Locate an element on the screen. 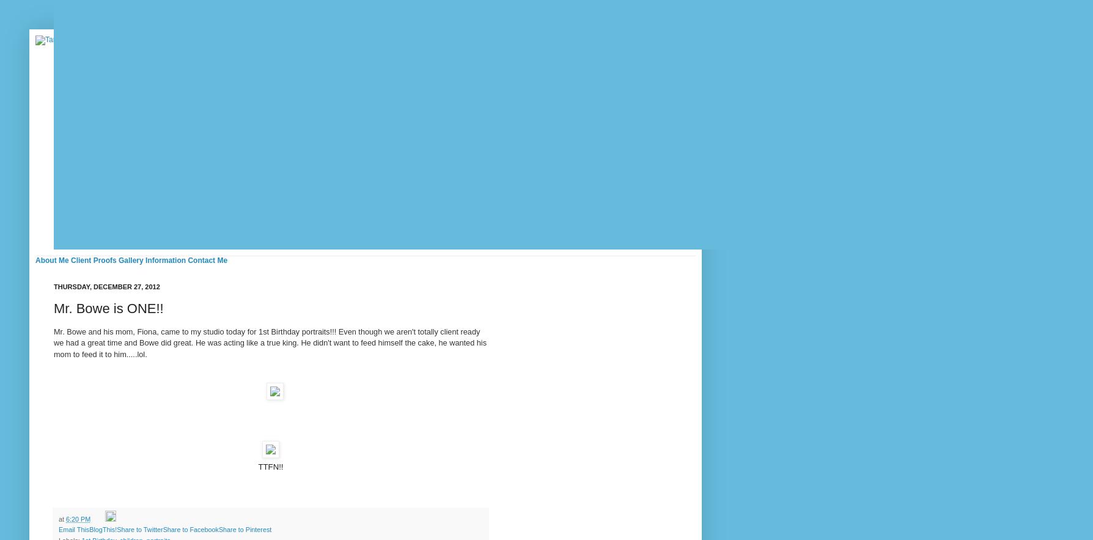 The image size is (1093, 540). 'Mr. Bowe is ONE!!' is located at coordinates (108, 308).